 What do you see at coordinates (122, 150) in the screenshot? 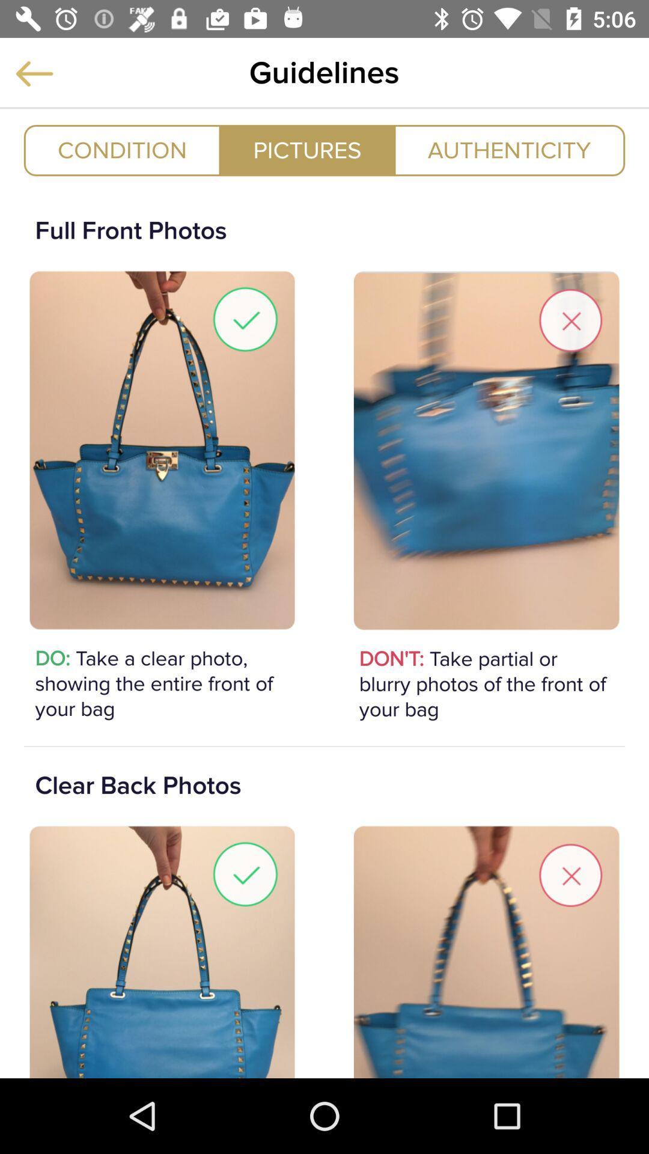
I see `icon above the full front photos item` at bounding box center [122, 150].